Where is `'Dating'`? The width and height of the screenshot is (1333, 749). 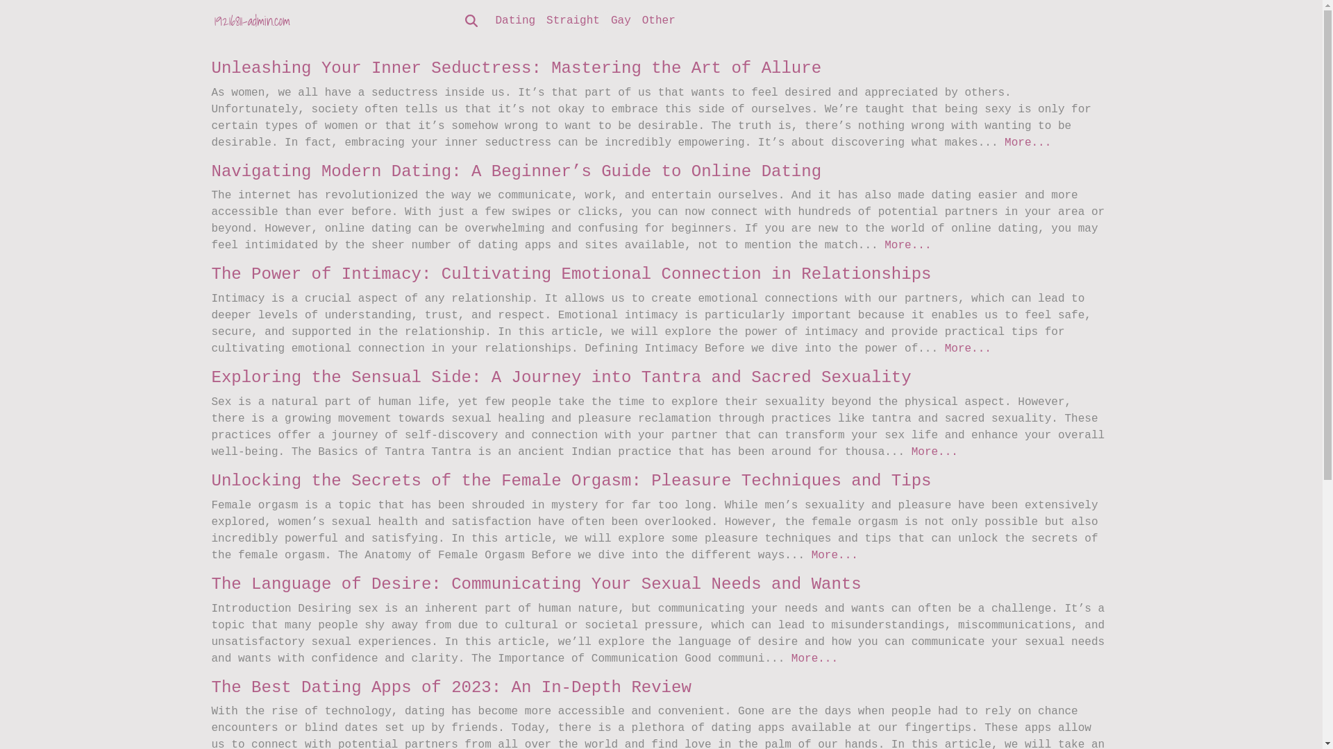 'Dating' is located at coordinates (515, 21).